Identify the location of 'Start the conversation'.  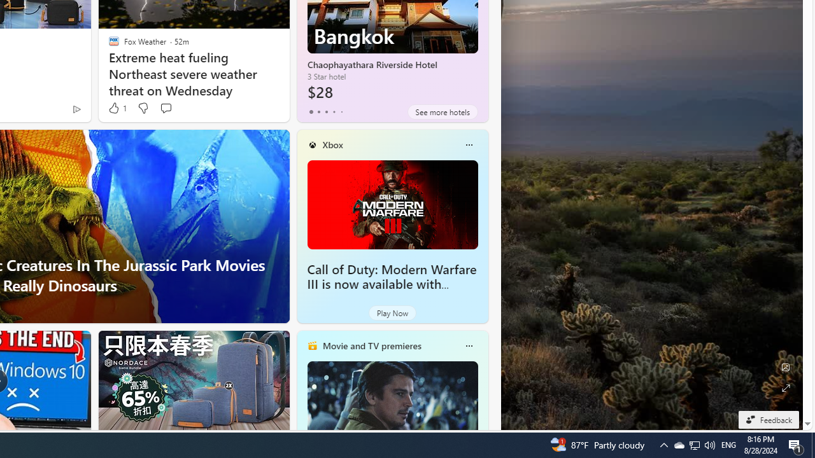
(165, 107).